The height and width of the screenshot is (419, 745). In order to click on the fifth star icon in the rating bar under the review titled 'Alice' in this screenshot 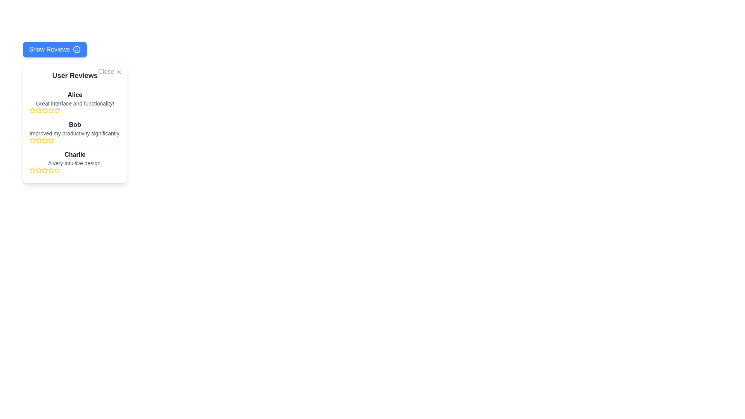, I will do `click(57, 111)`.